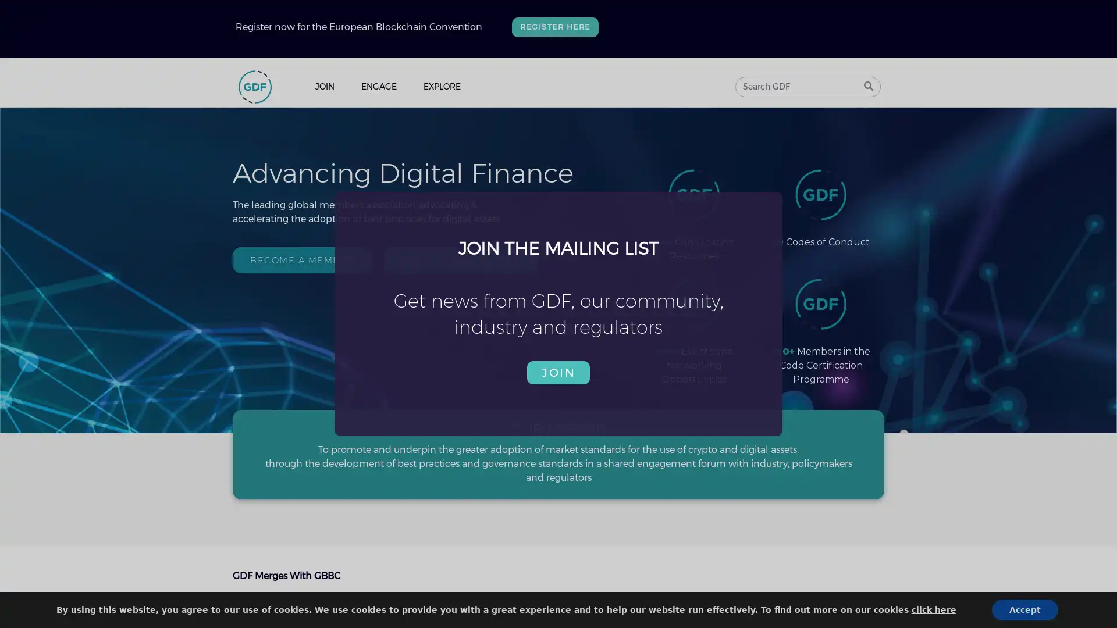 The width and height of the screenshot is (1117, 628). I want to click on JOIN OUR MAILING LIST, so click(459, 259).